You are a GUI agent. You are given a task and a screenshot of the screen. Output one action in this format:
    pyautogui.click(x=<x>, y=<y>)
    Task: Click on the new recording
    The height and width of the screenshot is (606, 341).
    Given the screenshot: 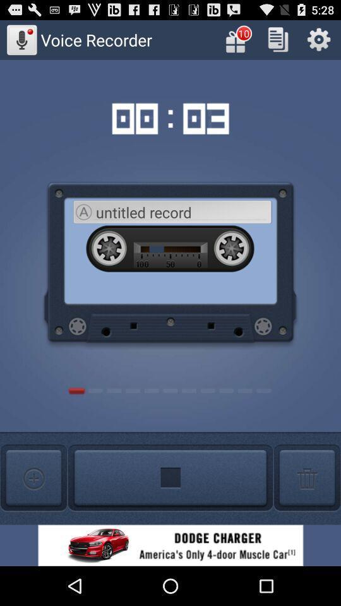 What is the action you would take?
    pyautogui.click(x=33, y=477)
    